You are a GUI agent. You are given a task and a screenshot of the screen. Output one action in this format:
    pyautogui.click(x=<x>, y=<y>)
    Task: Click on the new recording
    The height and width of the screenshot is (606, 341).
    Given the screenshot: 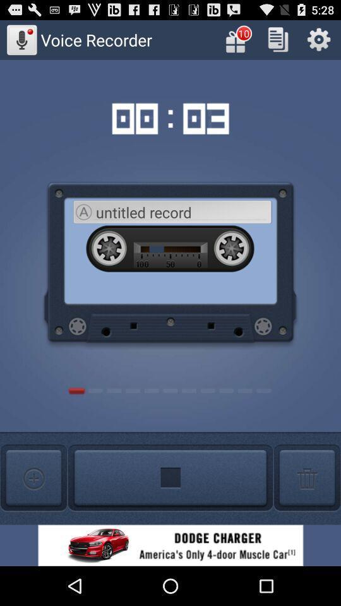 What is the action you would take?
    pyautogui.click(x=33, y=477)
    